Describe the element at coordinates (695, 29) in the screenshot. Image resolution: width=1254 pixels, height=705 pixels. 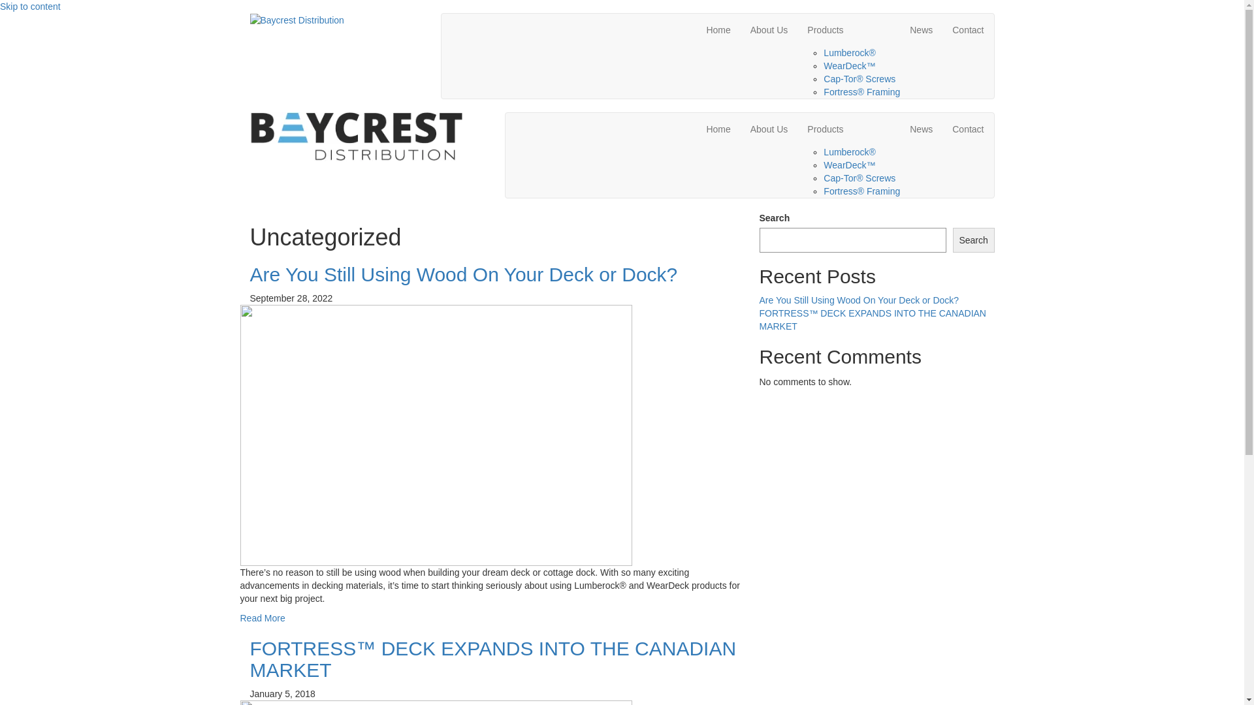
I see `'Home'` at that location.